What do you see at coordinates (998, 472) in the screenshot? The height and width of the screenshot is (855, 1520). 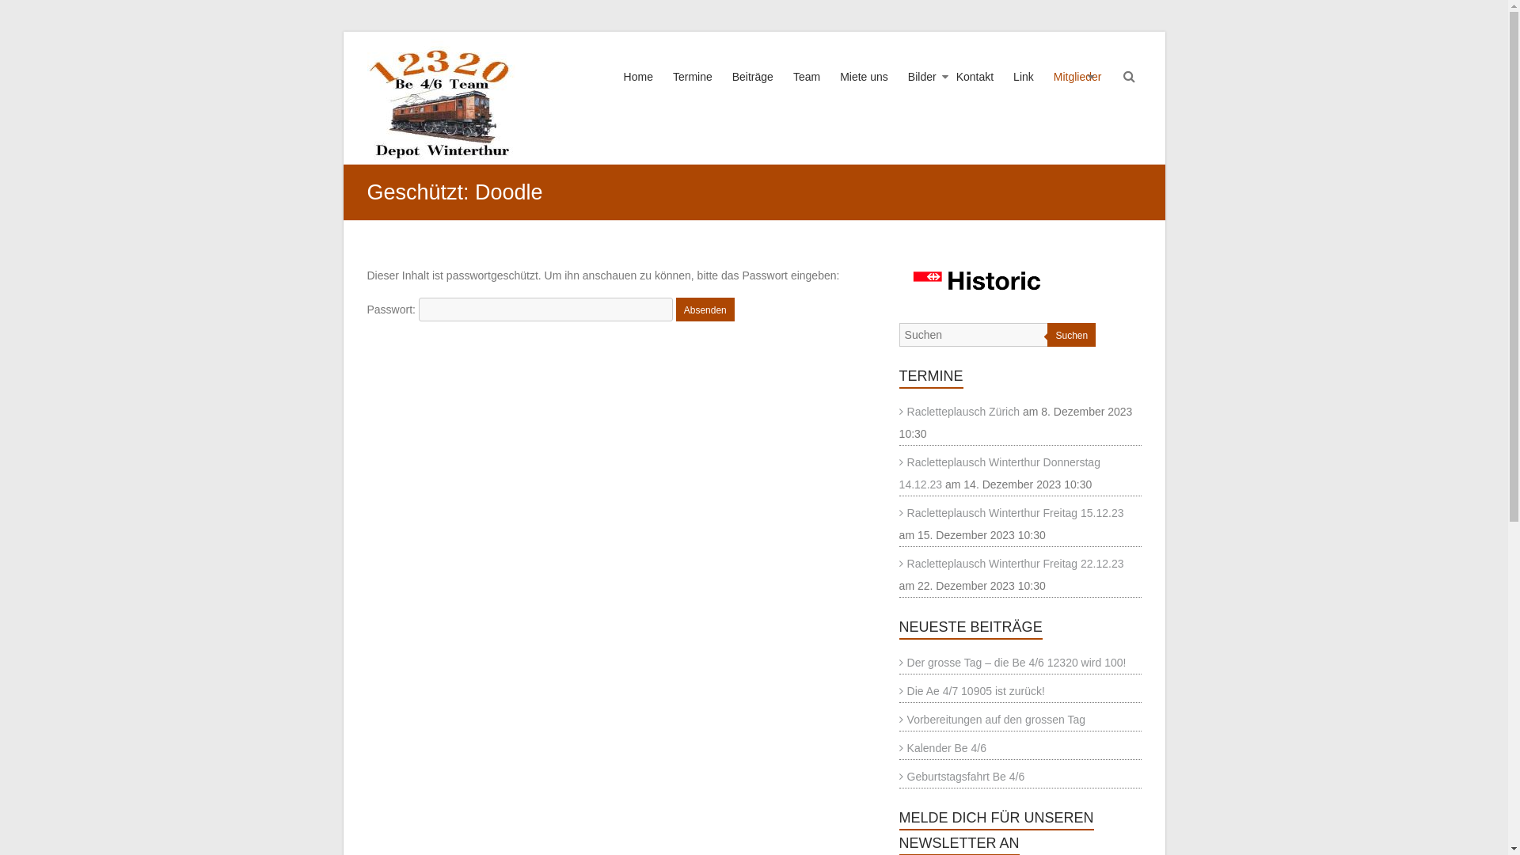 I see `'Racletteplausch Winterthur Donnerstag 14.12.23'` at bounding box center [998, 472].